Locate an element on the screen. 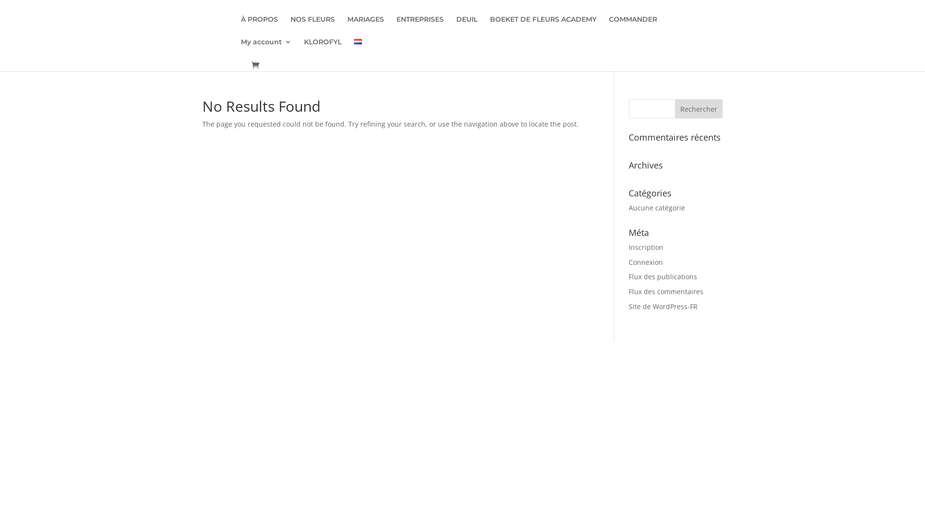 This screenshot has height=520, width=925. 'COMMANDER' is located at coordinates (608, 26).